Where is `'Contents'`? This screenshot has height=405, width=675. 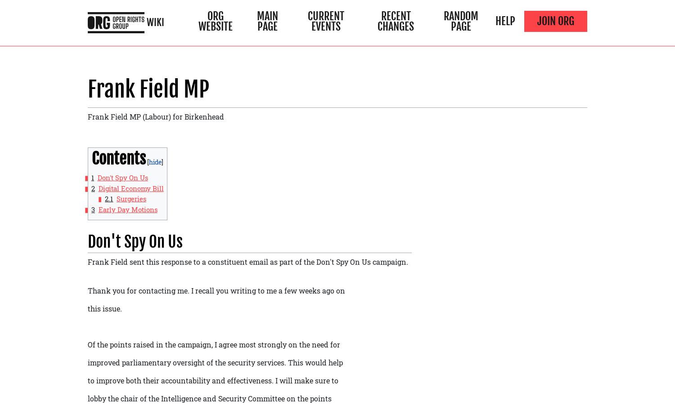 'Contents' is located at coordinates (90, 158).